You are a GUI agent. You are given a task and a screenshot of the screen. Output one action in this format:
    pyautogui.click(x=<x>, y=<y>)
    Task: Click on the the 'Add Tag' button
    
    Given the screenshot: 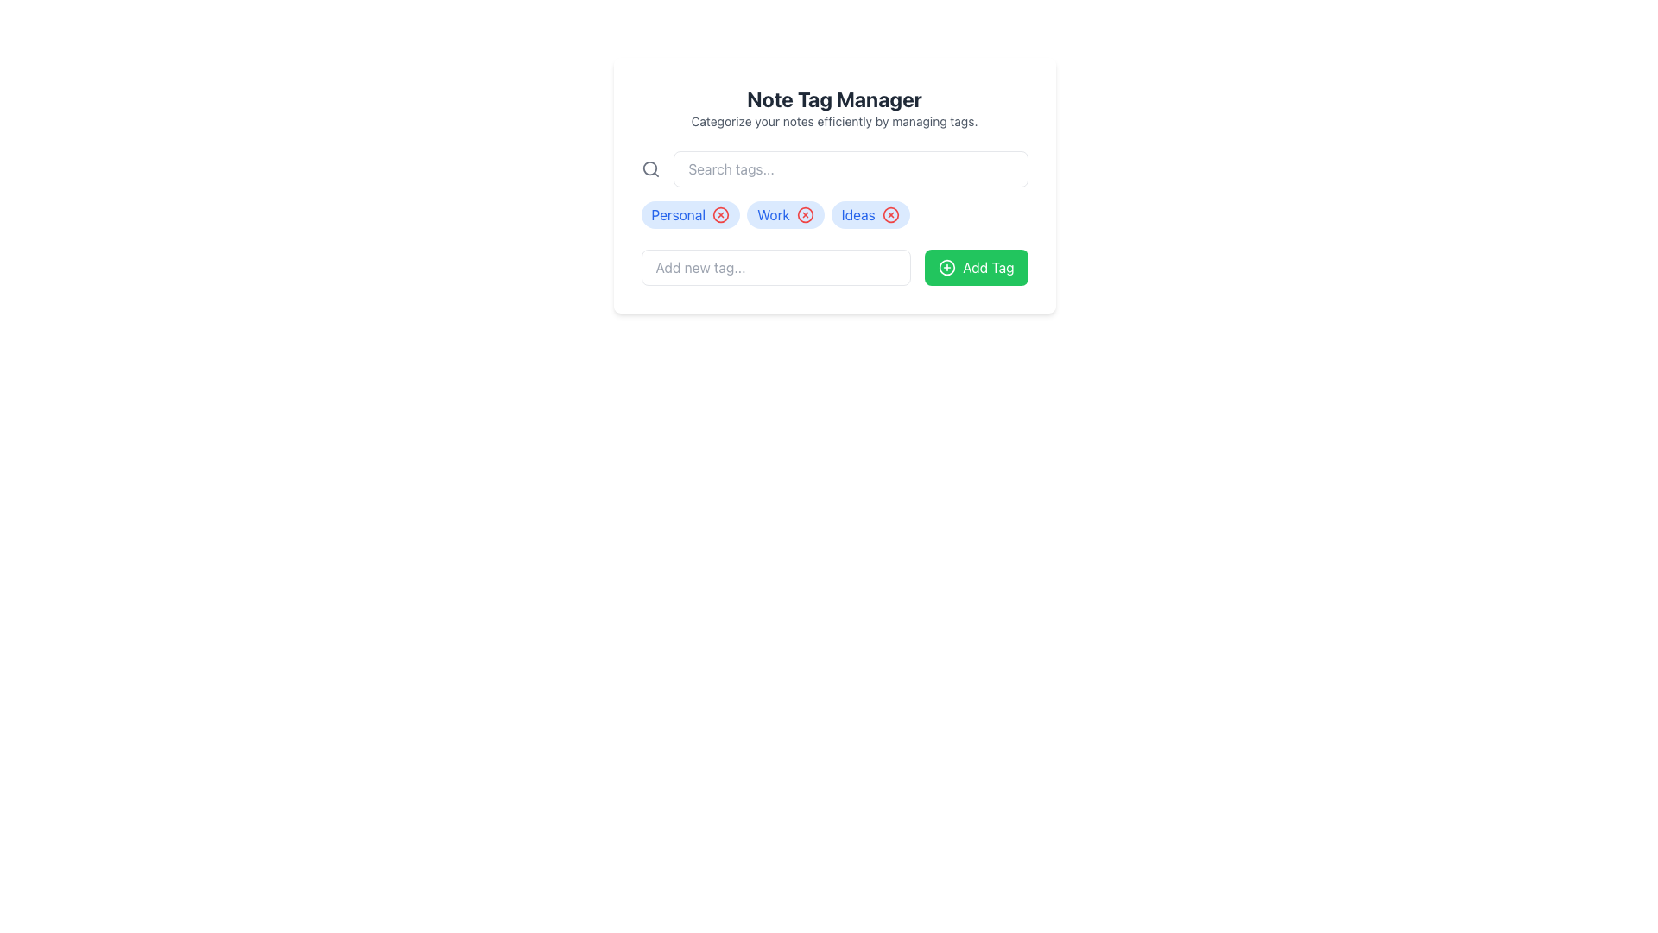 What is the action you would take?
    pyautogui.click(x=976, y=267)
    